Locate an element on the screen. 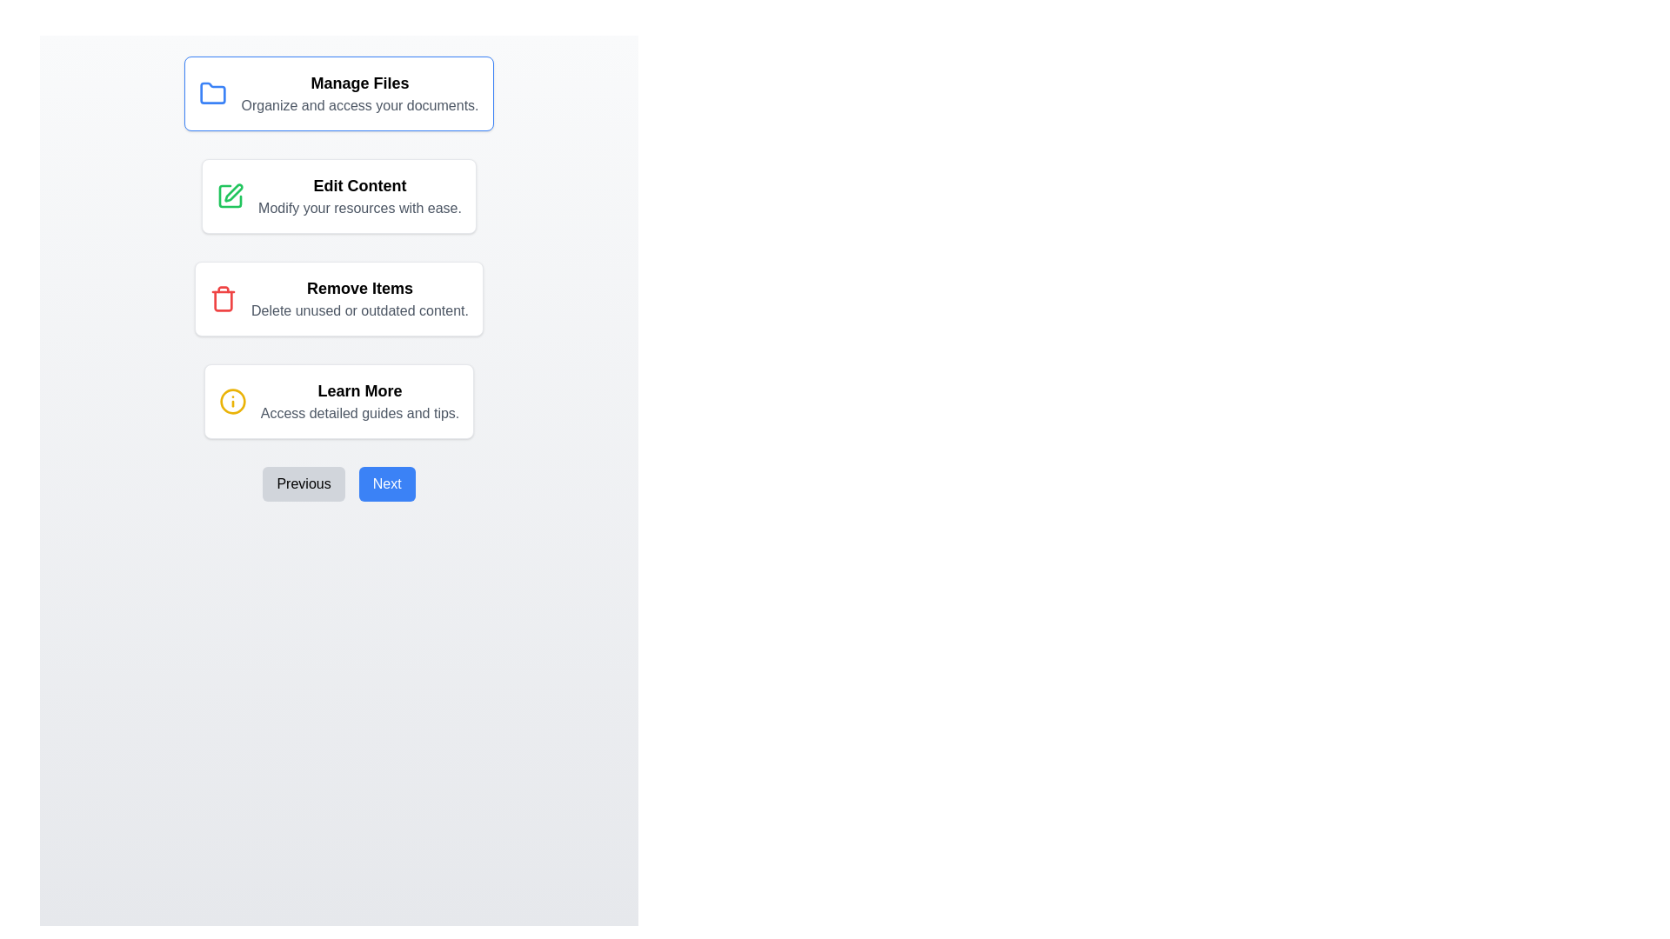  the fourth card in the vertical stack of informational cards, which contains an information icon and provides additional assistance by leading the user to detailed guides and tips is located at coordinates (358, 402).